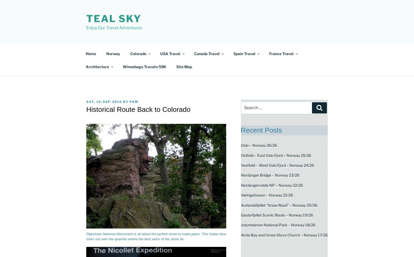 Image resolution: width=414 pixels, height=257 pixels. Describe the element at coordinates (134, 101) in the screenshot. I see `'pam'` at that location.